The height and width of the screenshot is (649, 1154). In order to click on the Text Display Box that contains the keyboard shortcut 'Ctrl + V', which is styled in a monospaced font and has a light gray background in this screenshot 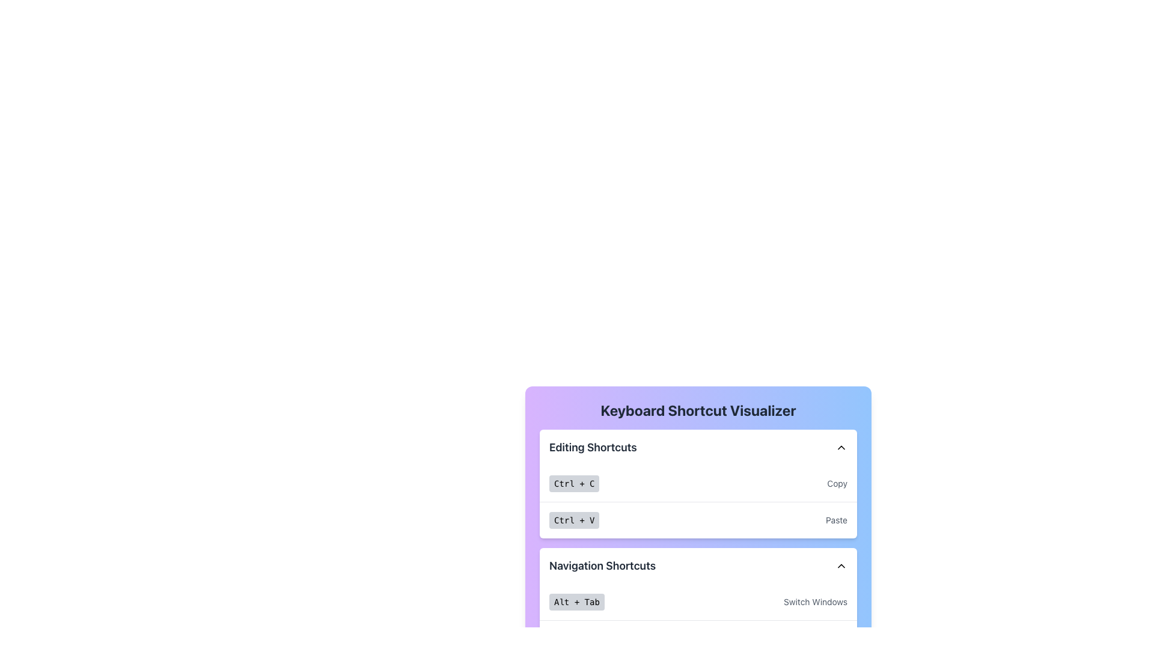, I will do `click(573, 520)`.